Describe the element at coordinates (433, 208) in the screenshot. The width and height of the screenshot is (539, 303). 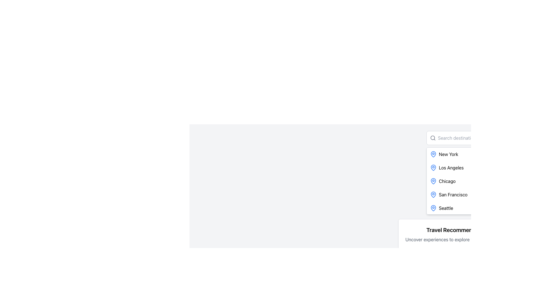
I see `the blue map pin icon located to the left of the text 'Seattle' in the bottom-most row of the city names list` at that location.